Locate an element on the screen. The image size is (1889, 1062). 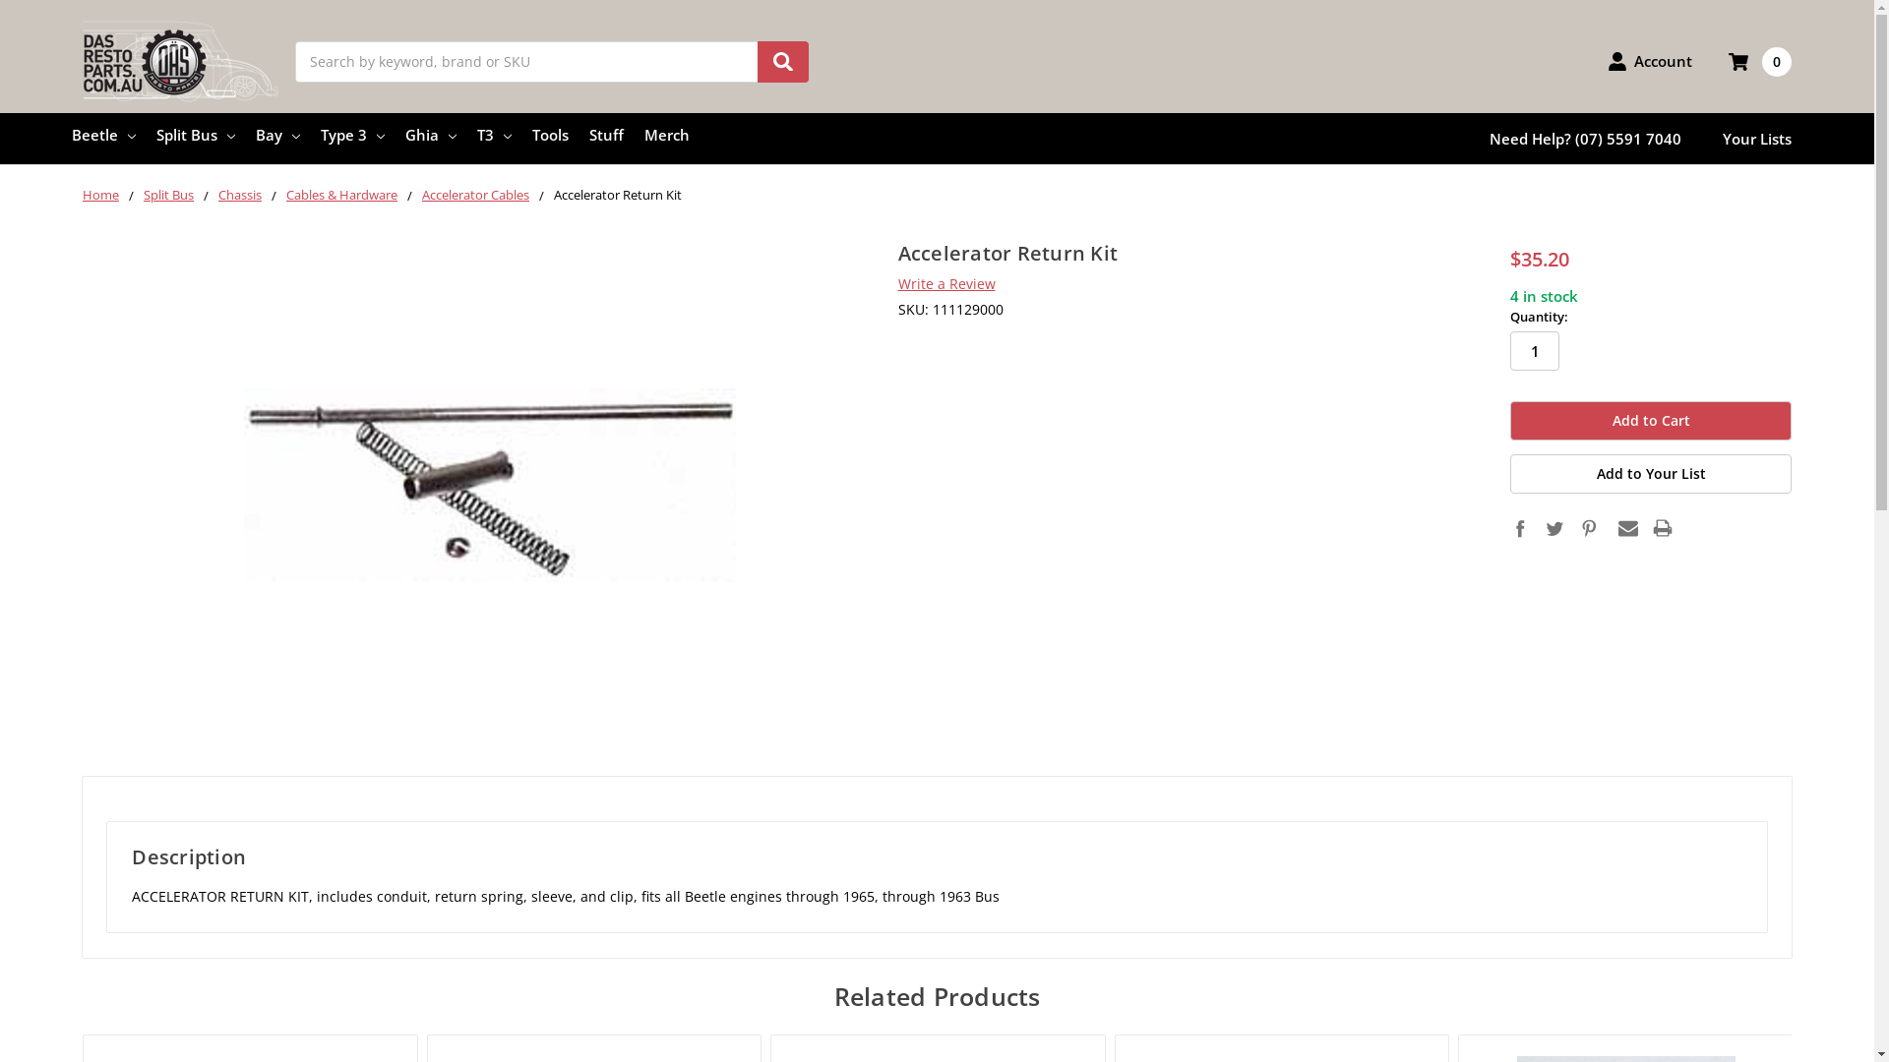
'Add to Your List' is located at coordinates (1651, 474).